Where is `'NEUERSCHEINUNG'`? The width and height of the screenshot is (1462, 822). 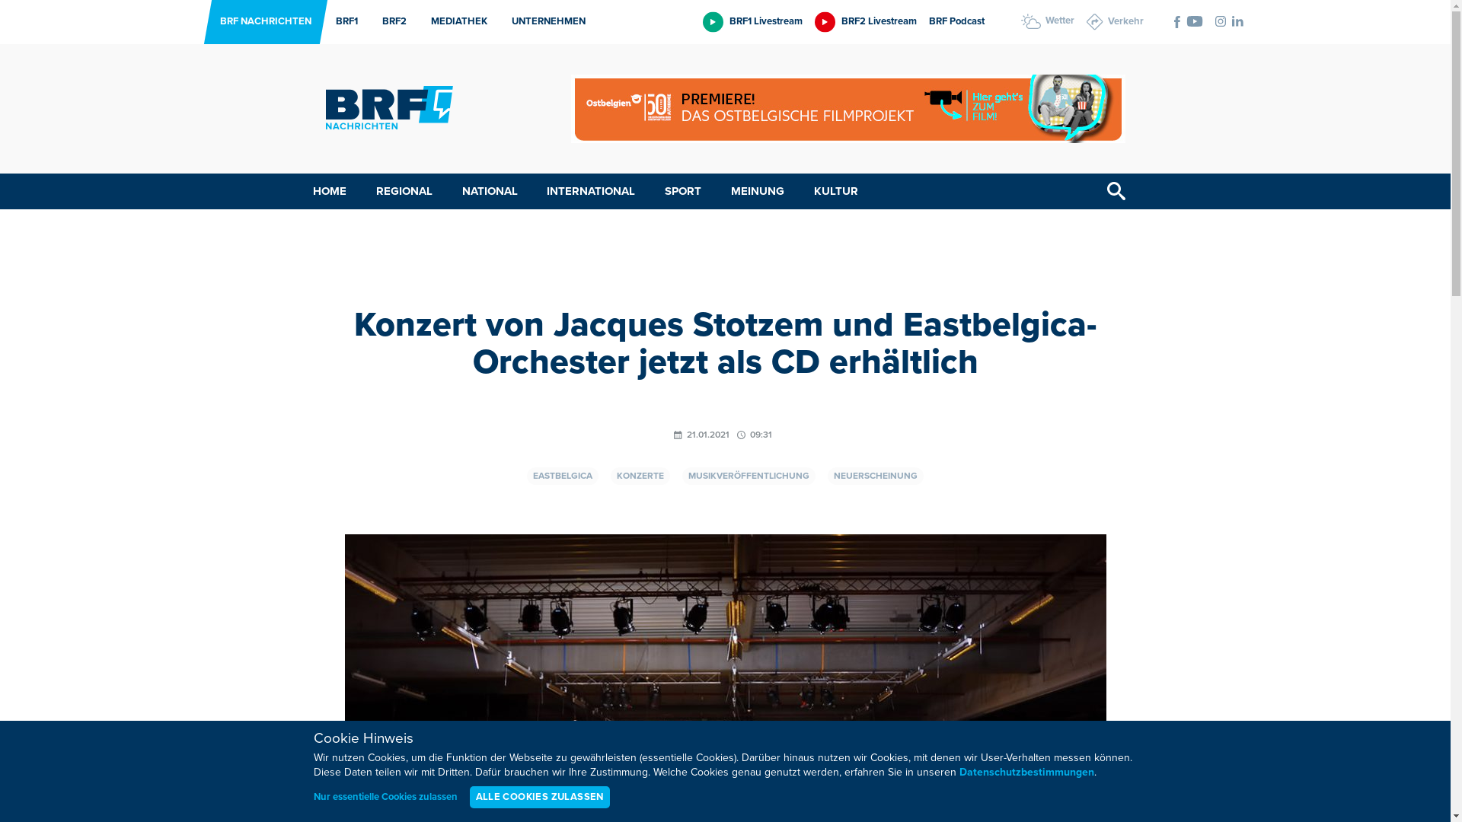
'NEUERSCHEINUNG' is located at coordinates (876, 475).